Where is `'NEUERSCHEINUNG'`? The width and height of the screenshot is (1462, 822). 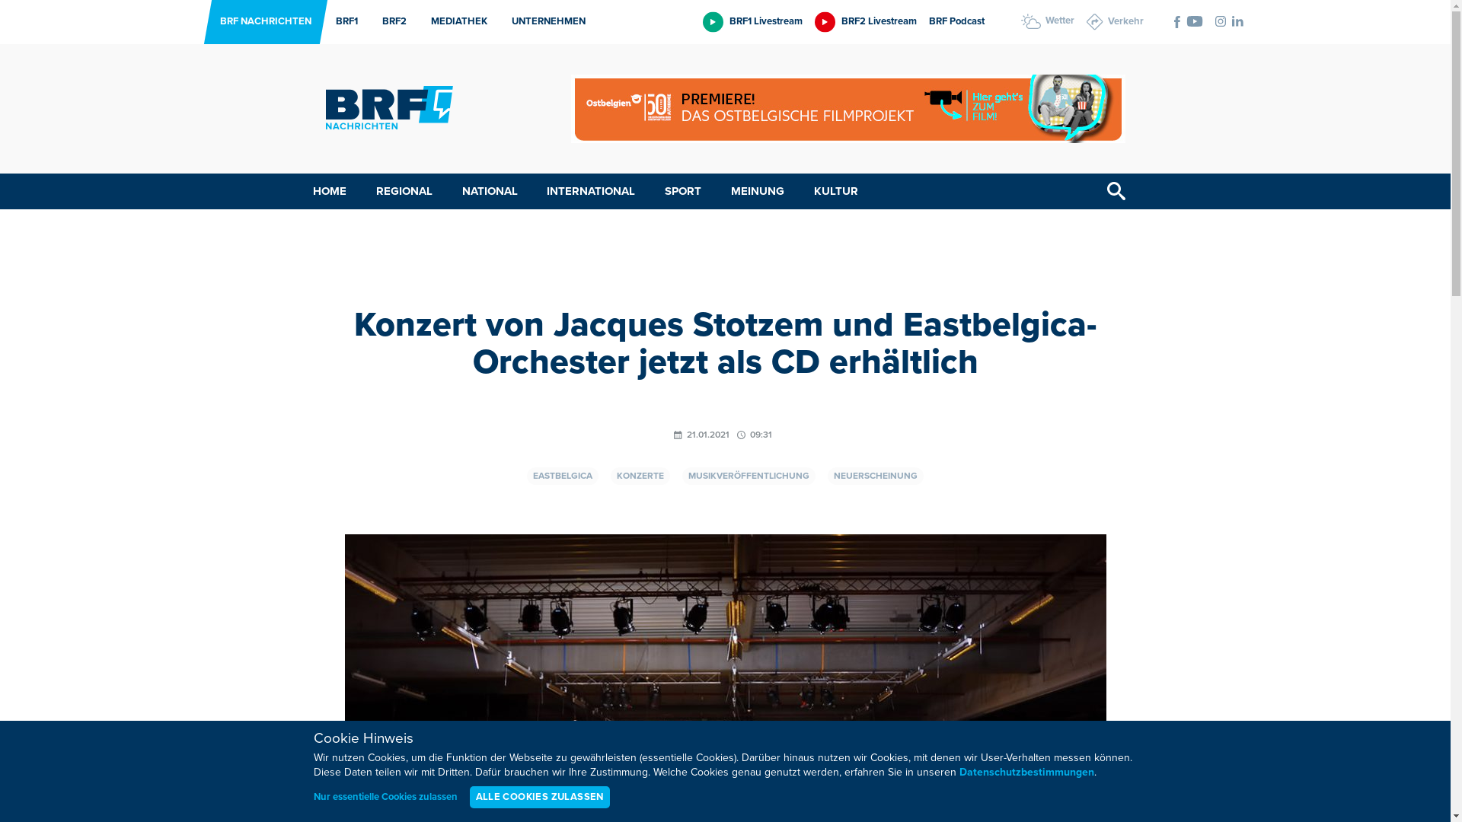
'NEUERSCHEINUNG' is located at coordinates (876, 475).